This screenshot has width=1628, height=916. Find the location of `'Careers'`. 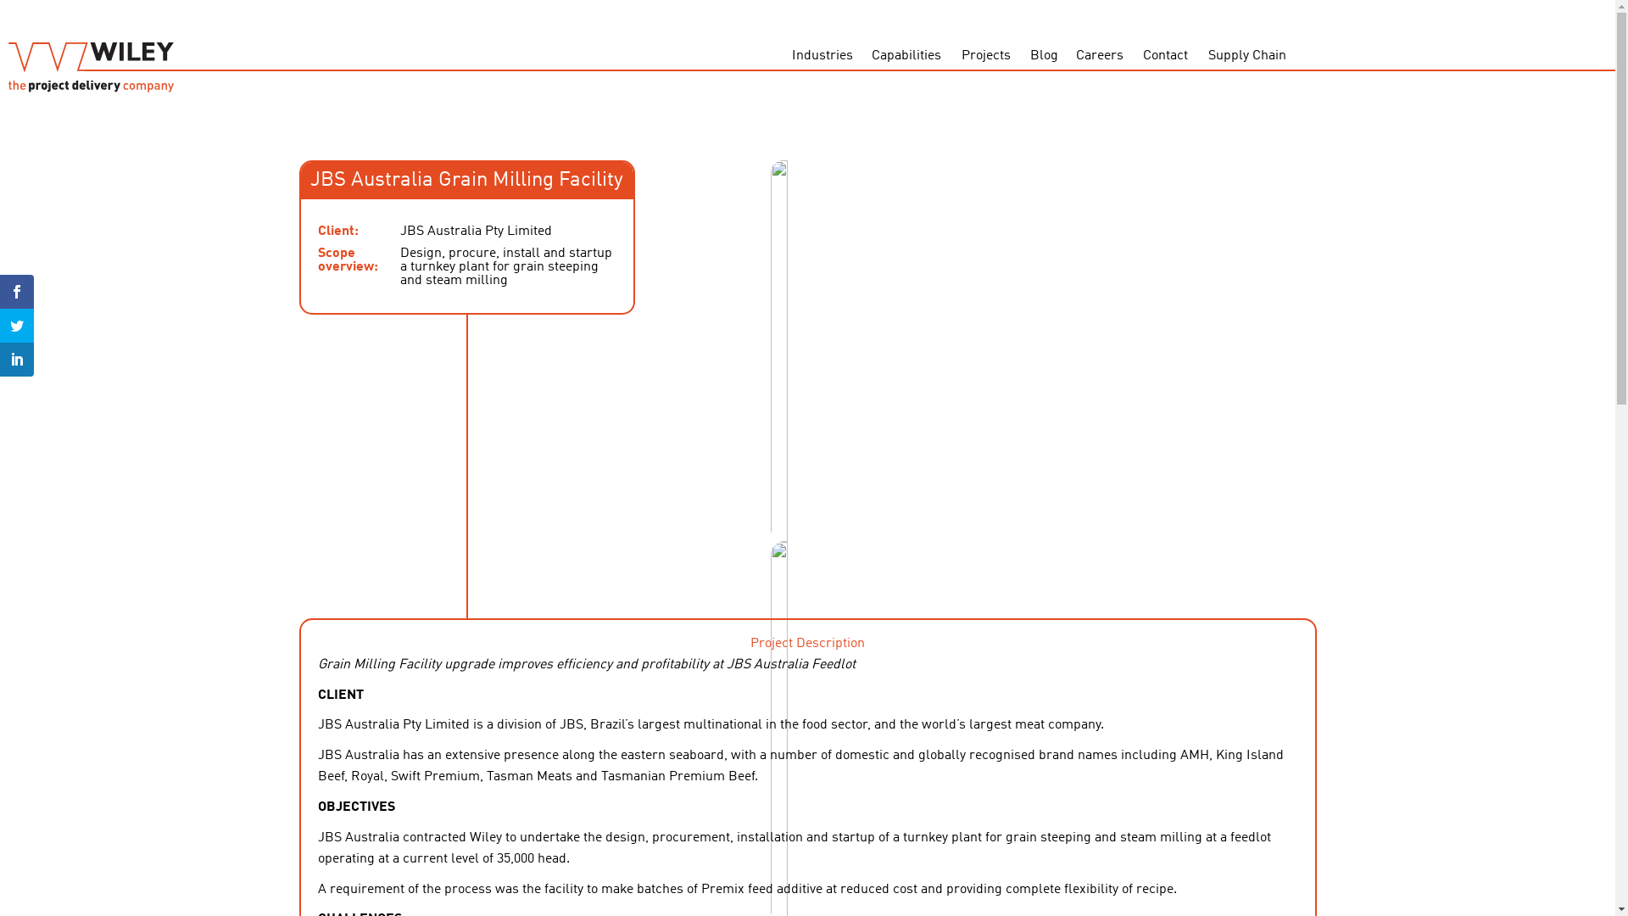

'Careers' is located at coordinates (1100, 55).